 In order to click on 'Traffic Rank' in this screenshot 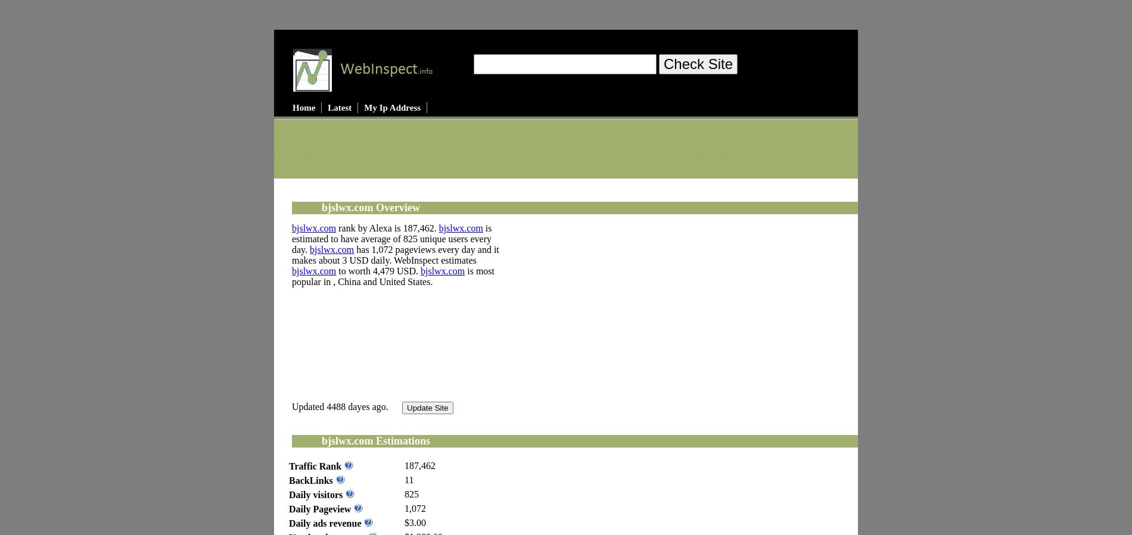, I will do `click(289, 465)`.